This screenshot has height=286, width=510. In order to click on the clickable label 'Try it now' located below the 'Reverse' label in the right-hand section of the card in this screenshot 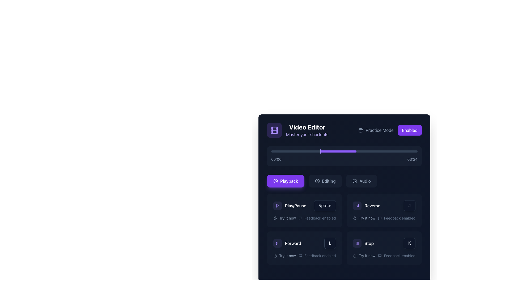, I will do `click(367, 218)`.